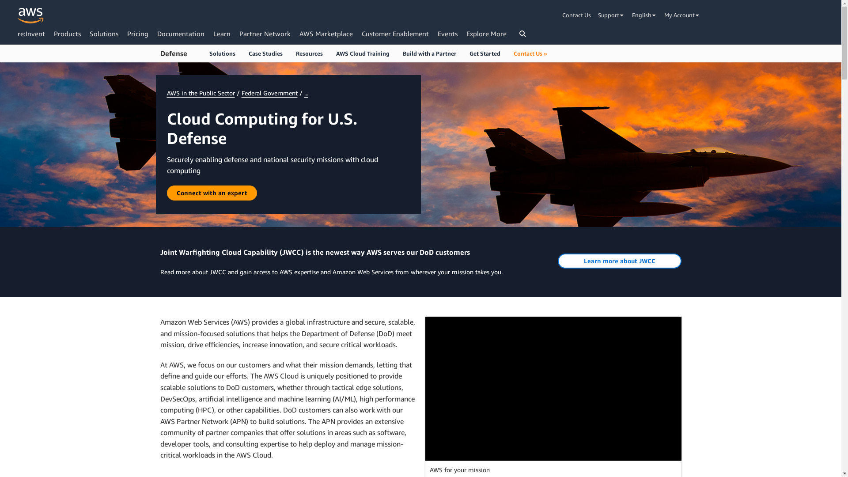  What do you see at coordinates (180, 33) in the screenshot?
I see `'Documentation'` at bounding box center [180, 33].